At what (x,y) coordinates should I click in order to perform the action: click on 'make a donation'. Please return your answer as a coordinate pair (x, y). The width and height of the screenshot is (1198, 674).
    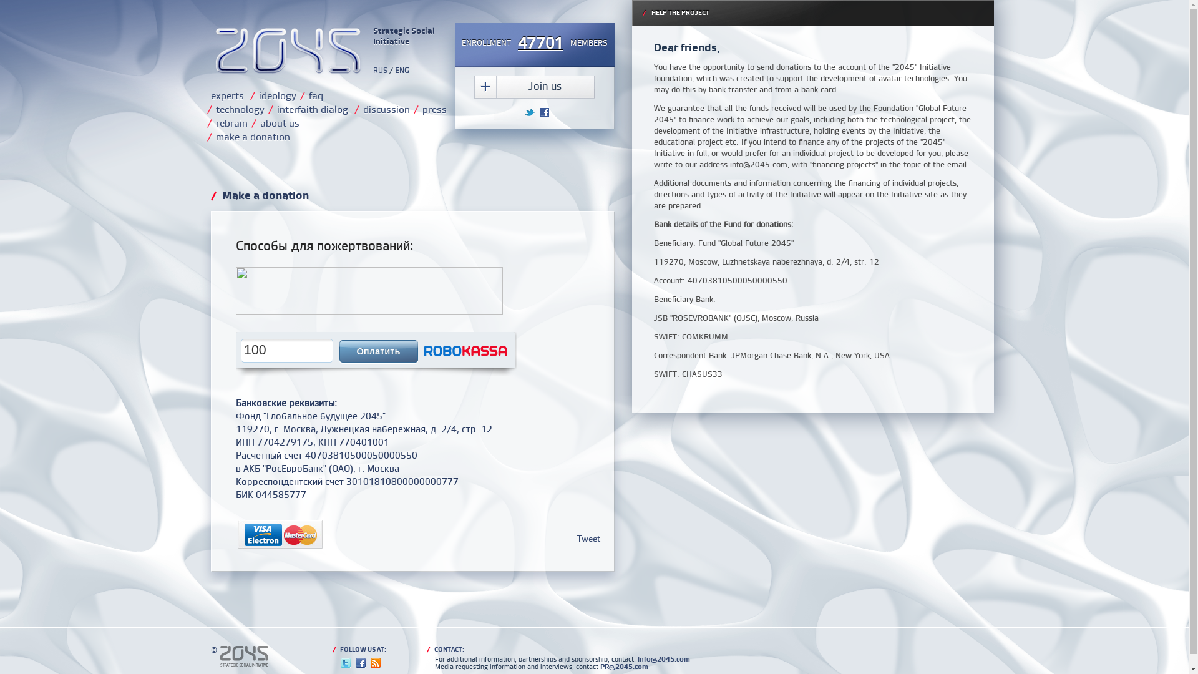
    Looking at the image, I should click on (252, 137).